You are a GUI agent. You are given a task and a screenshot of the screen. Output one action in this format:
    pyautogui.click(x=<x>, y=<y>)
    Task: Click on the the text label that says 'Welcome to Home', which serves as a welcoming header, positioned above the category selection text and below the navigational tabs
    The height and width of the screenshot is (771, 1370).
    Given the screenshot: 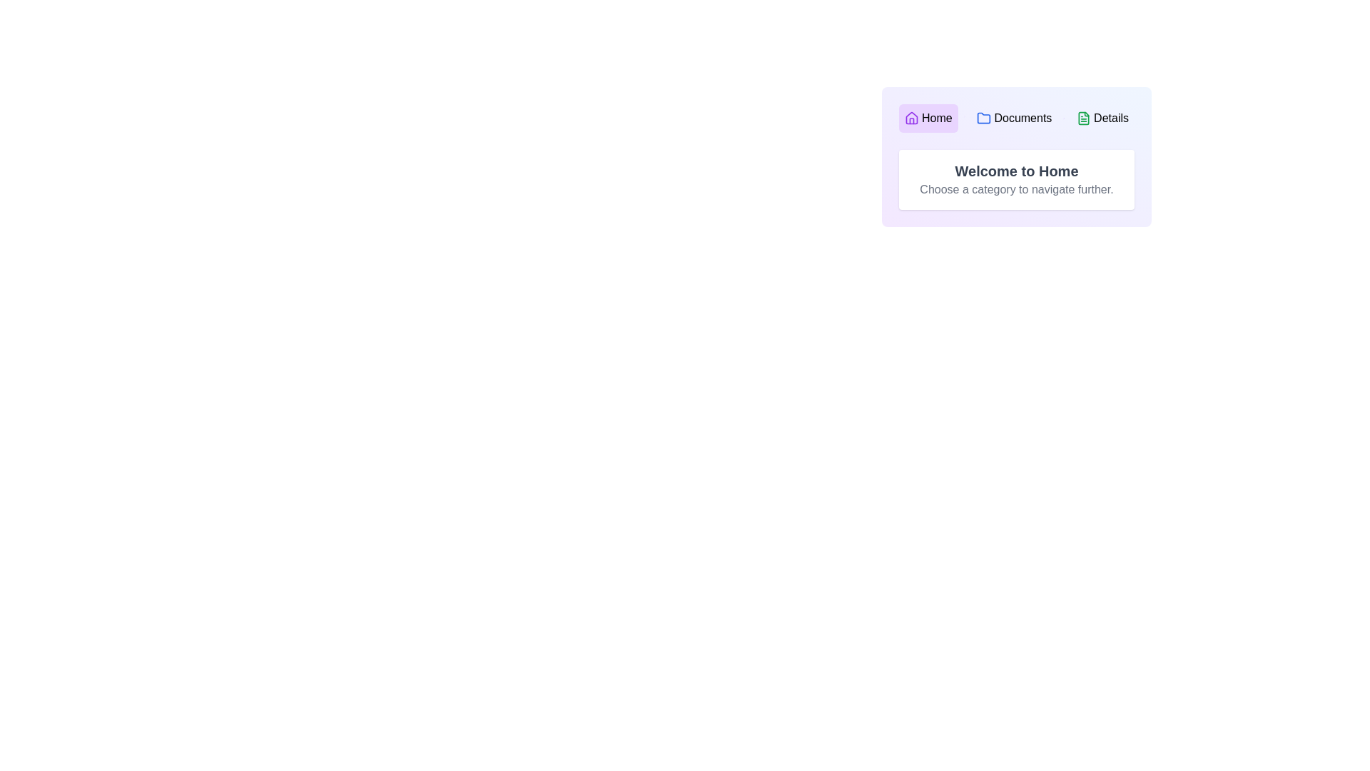 What is the action you would take?
    pyautogui.click(x=1016, y=170)
    